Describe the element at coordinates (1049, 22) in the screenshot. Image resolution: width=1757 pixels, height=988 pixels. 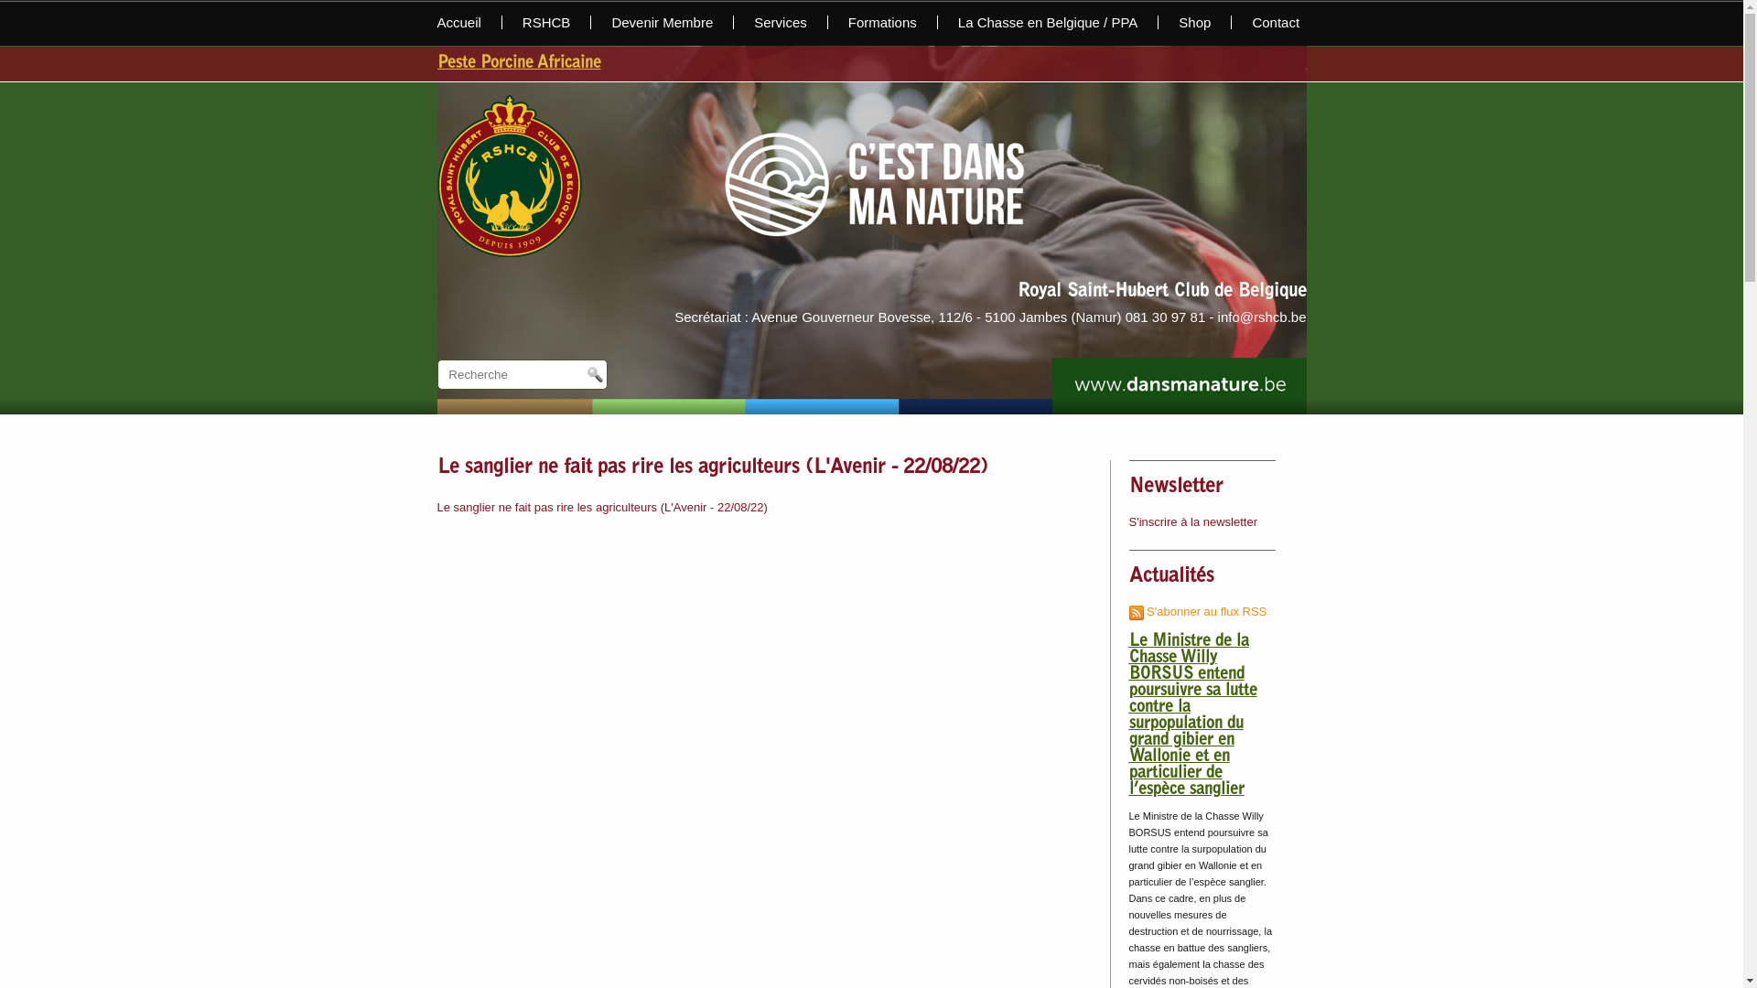
I see `'La Chasse en Belgique / PPA'` at that location.